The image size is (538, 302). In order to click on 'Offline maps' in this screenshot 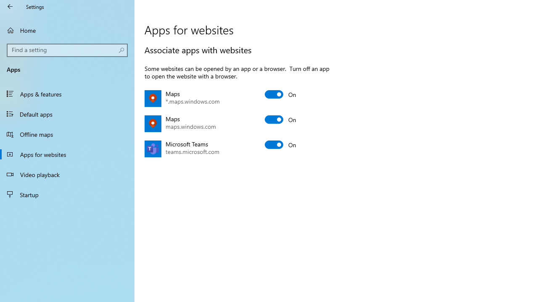, I will do `click(67, 134)`.